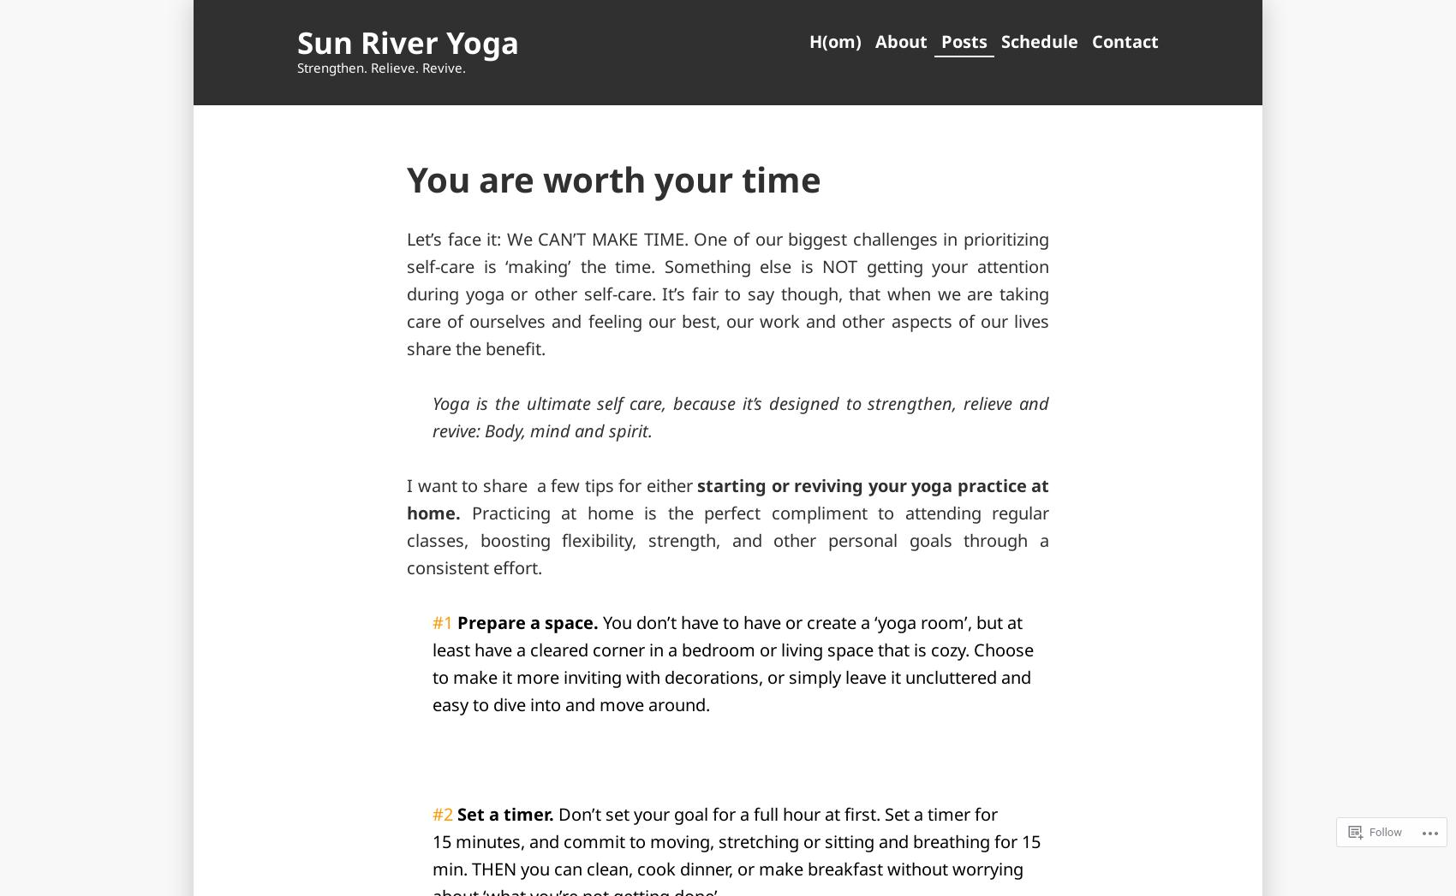 Image resolution: width=1456 pixels, height=896 pixels. I want to click on 'I want to share  a few tips for either', so click(552, 485).